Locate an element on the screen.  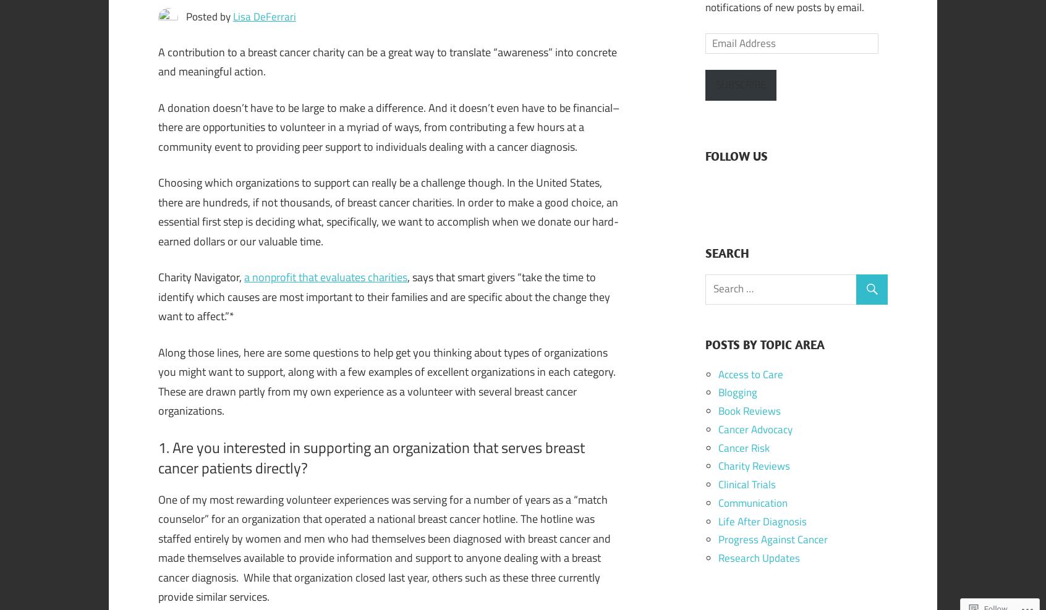
'FOLLOW US' is located at coordinates (736, 156).